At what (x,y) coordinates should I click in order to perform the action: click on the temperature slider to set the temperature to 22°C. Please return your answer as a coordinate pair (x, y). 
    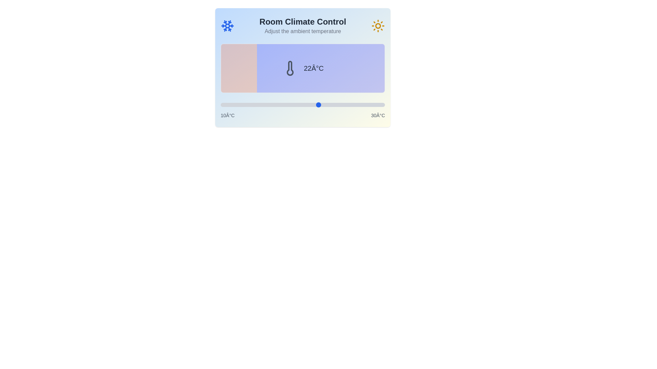
    Looking at the image, I should click on (319, 105).